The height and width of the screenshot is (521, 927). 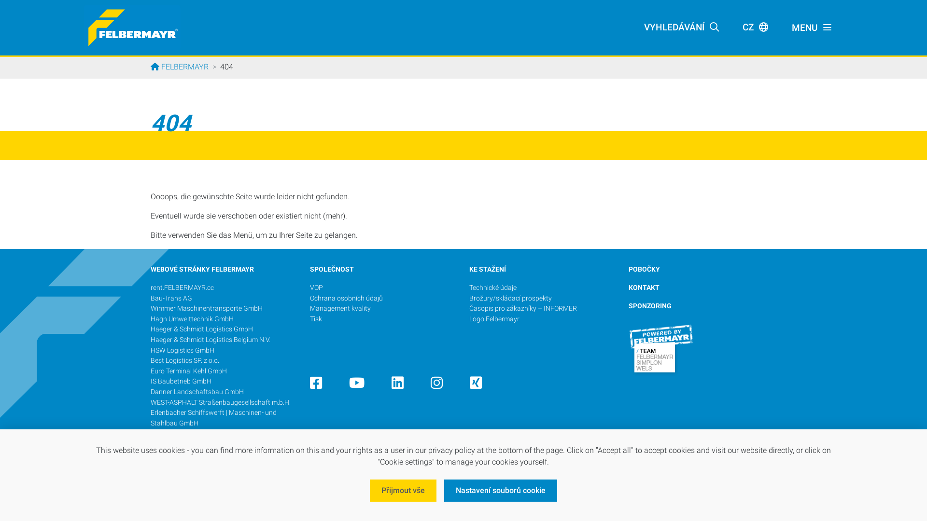 What do you see at coordinates (150, 370) in the screenshot?
I see `'Euro Terminal Kehl GmbH'` at bounding box center [150, 370].